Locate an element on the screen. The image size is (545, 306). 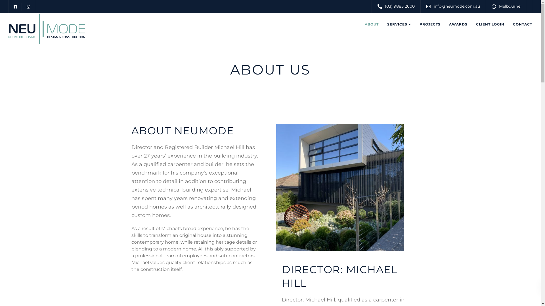
'CLIENT LOGIN' is located at coordinates (490, 24).